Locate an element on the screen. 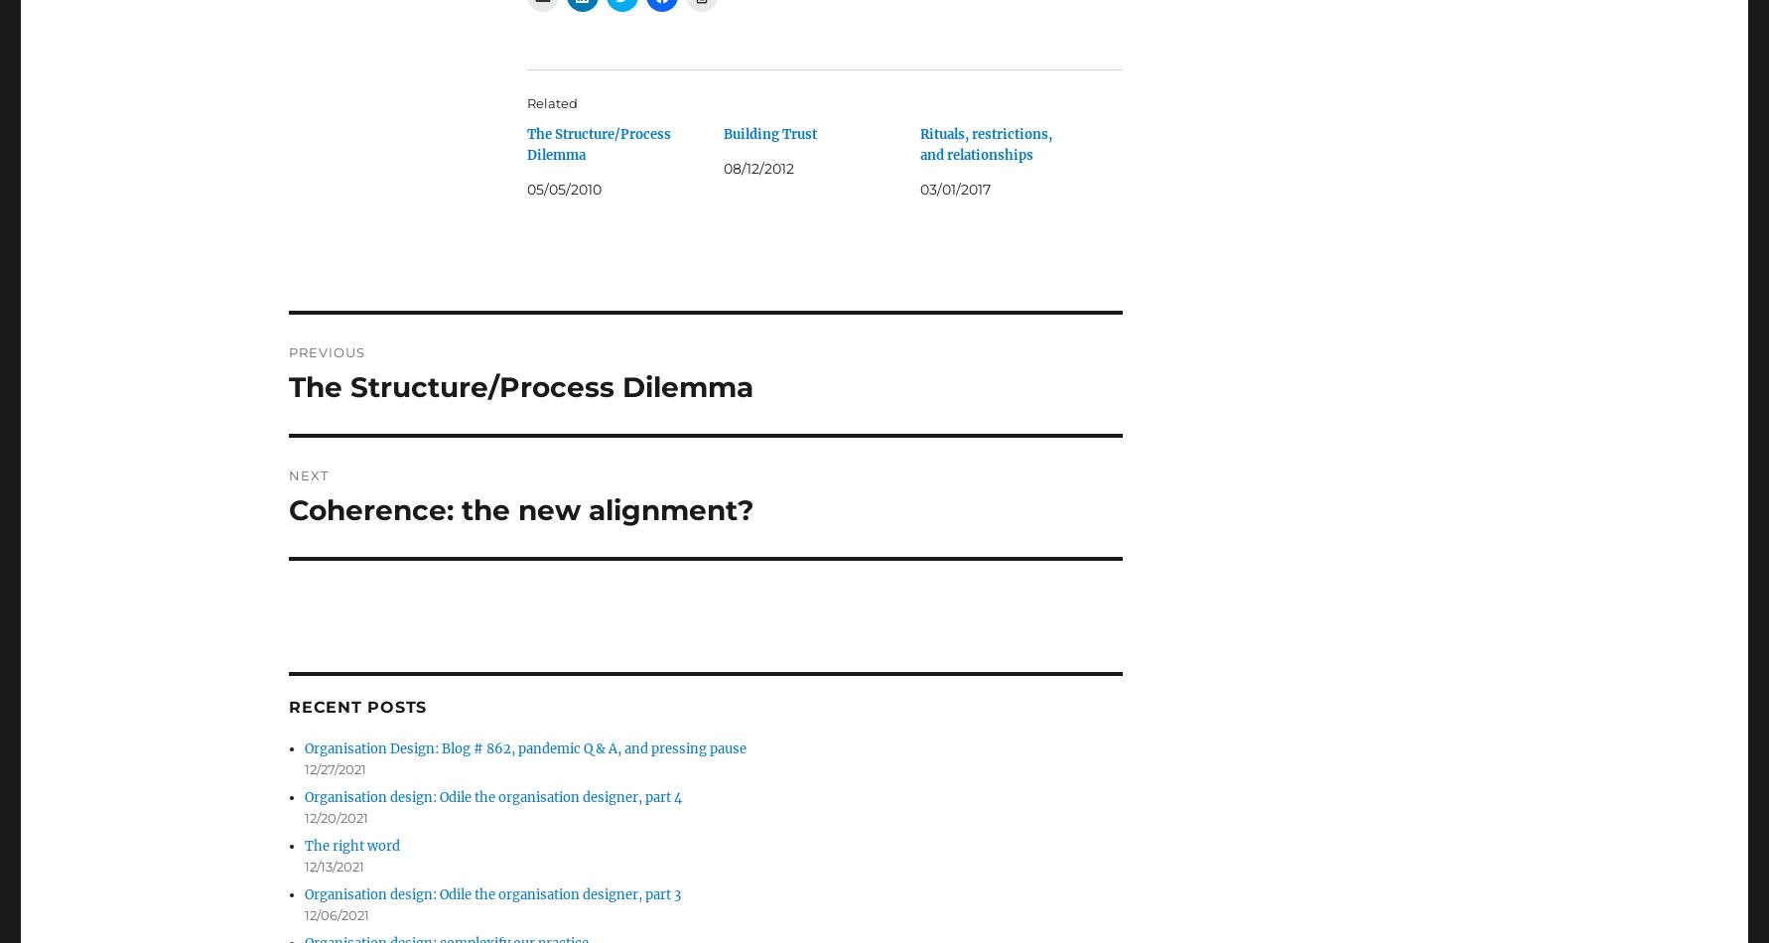  'Recent Posts' is located at coordinates (288, 707).